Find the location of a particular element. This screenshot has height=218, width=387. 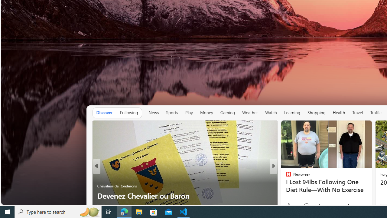

'View comments 18 Comment' is located at coordinates (316, 206).